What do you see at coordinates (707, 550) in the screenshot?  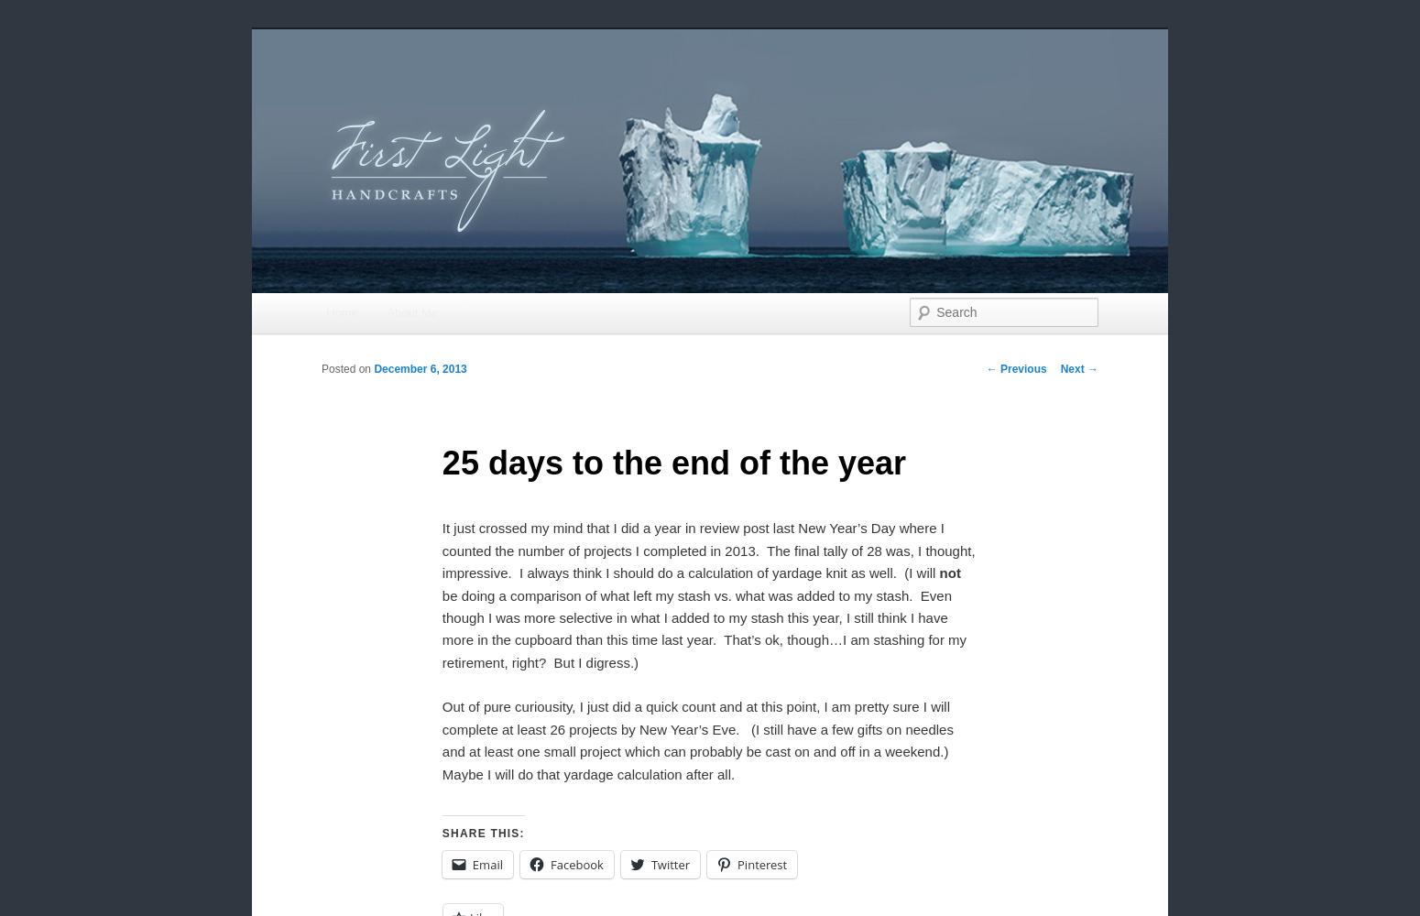 I see `'It just crossed my mind that I did a year in review post last New Year’s Day where I counted the number of projects I completed in 2013.  The final tally of 28 was, I thought, impressive.  I always think I should do a calculation of yardage knit as well.  (I will'` at bounding box center [707, 550].